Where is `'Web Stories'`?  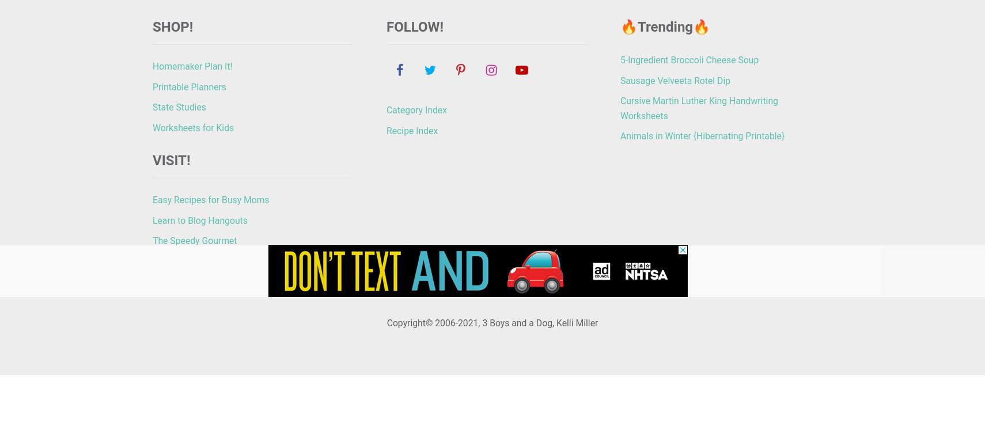
'Web Stories' is located at coordinates (465, 292).